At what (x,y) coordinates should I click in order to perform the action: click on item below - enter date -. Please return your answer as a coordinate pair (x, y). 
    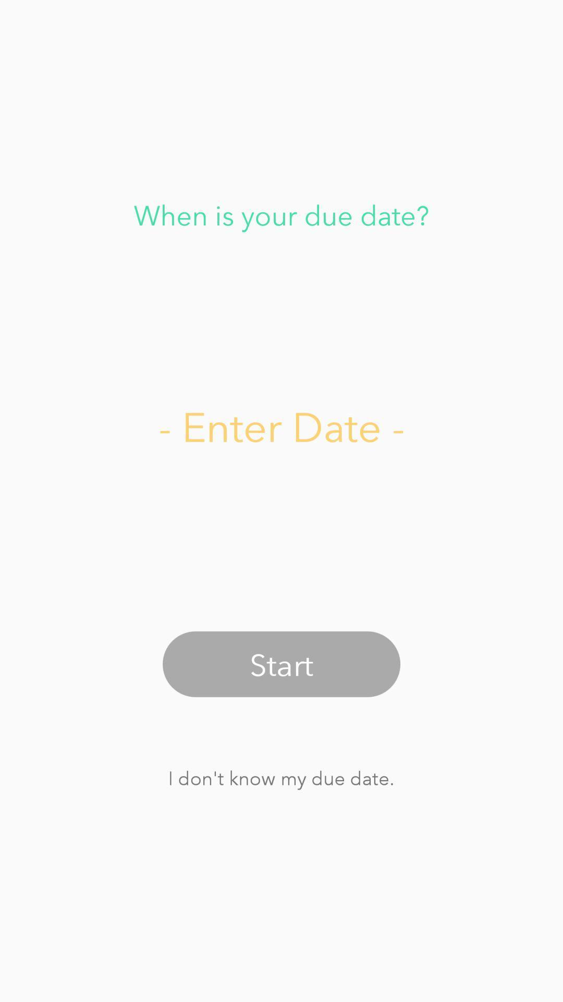
    Looking at the image, I should click on (281, 663).